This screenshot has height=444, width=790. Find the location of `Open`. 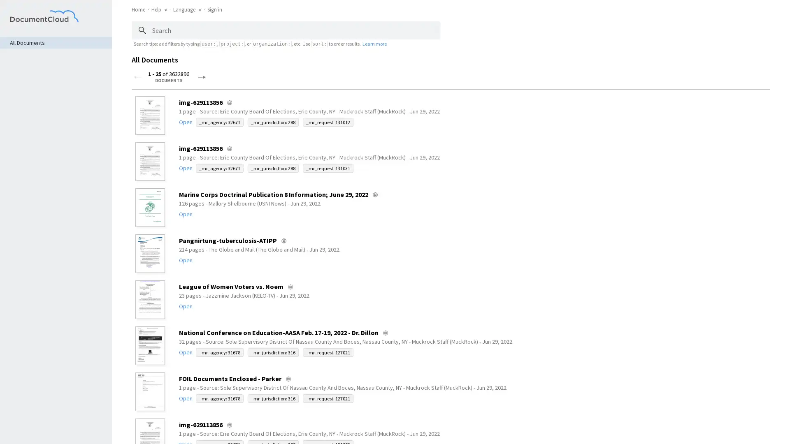

Open is located at coordinates (185, 213).